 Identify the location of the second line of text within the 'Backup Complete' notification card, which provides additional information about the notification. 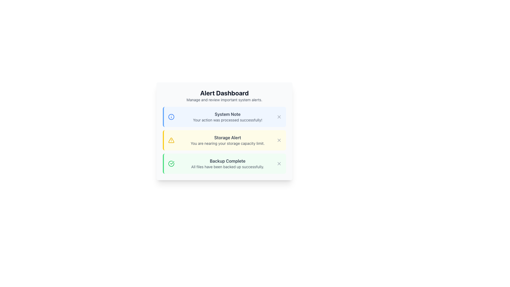
(228, 167).